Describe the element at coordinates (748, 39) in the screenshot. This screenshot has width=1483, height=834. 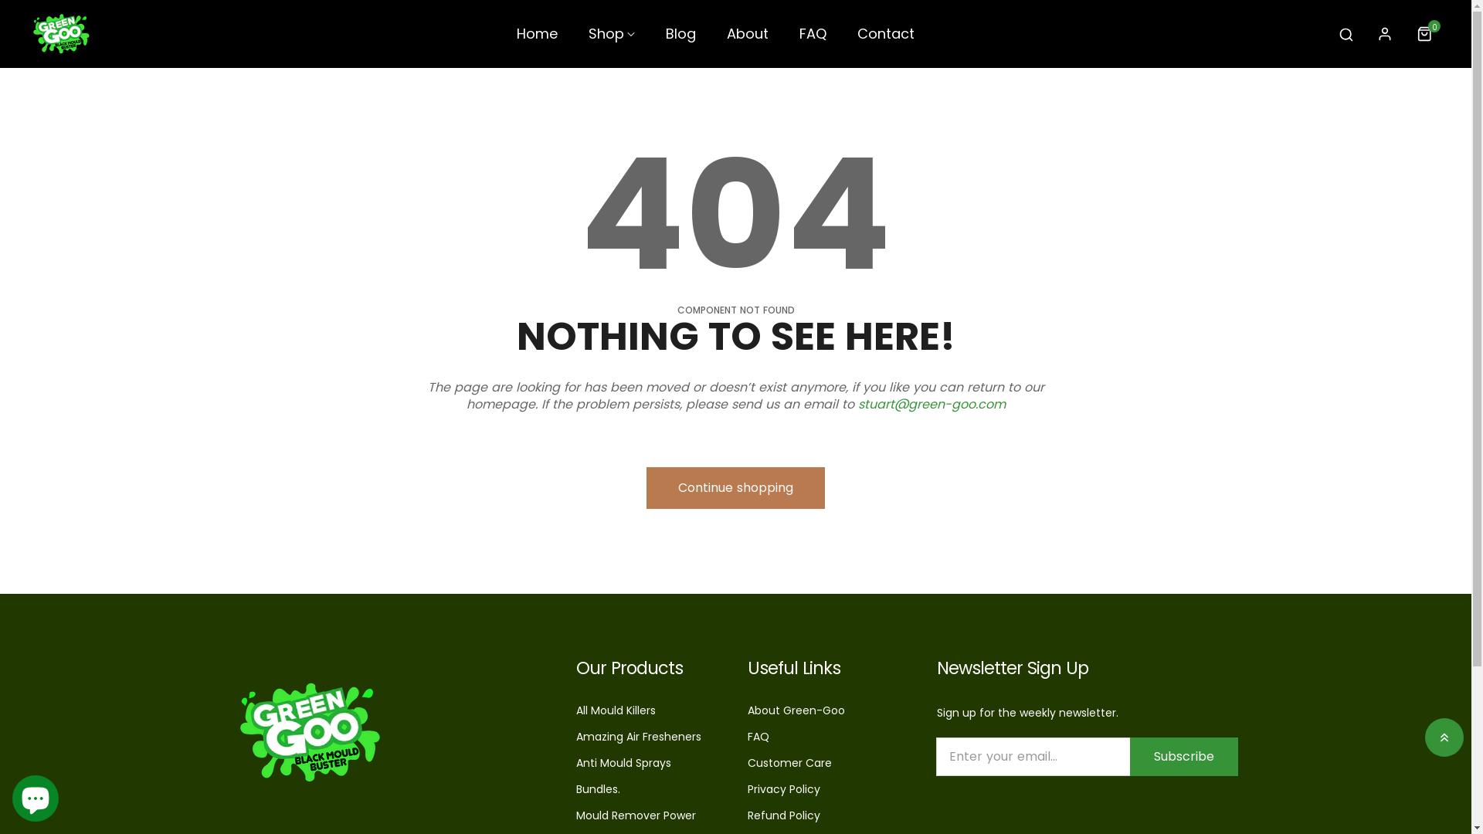
I see `'About'` at that location.